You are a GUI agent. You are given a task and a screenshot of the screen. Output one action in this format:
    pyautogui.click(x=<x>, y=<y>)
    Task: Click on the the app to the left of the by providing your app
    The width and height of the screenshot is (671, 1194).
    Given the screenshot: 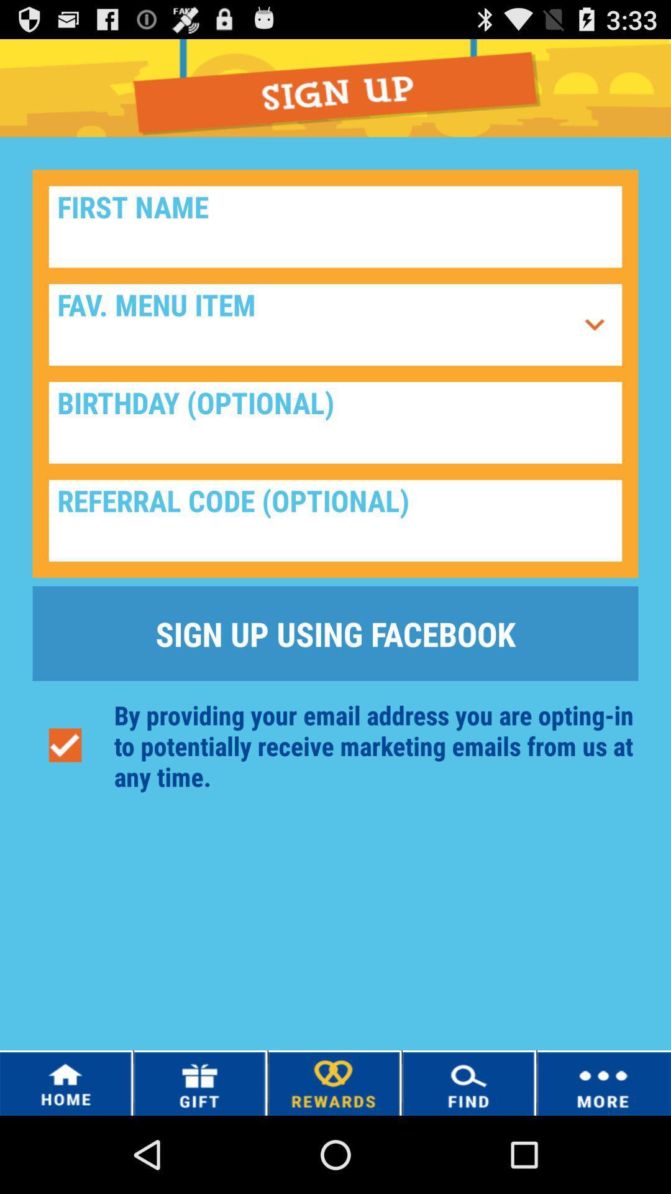 What is the action you would take?
    pyautogui.click(x=65, y=746)
    